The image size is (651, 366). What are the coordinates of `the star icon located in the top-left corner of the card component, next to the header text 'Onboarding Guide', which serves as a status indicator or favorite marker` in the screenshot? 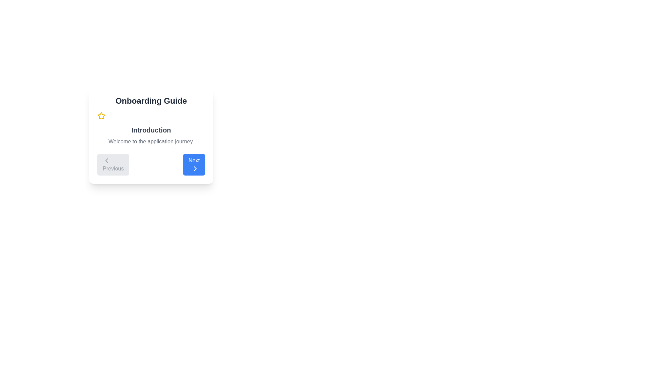 It's located at (101, 115).